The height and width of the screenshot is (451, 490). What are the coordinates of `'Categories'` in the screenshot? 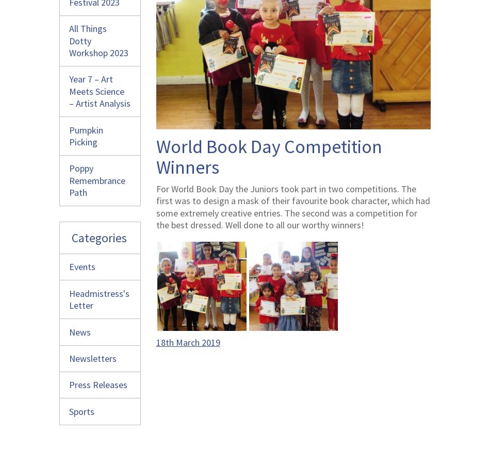 It's located at (99, 237).